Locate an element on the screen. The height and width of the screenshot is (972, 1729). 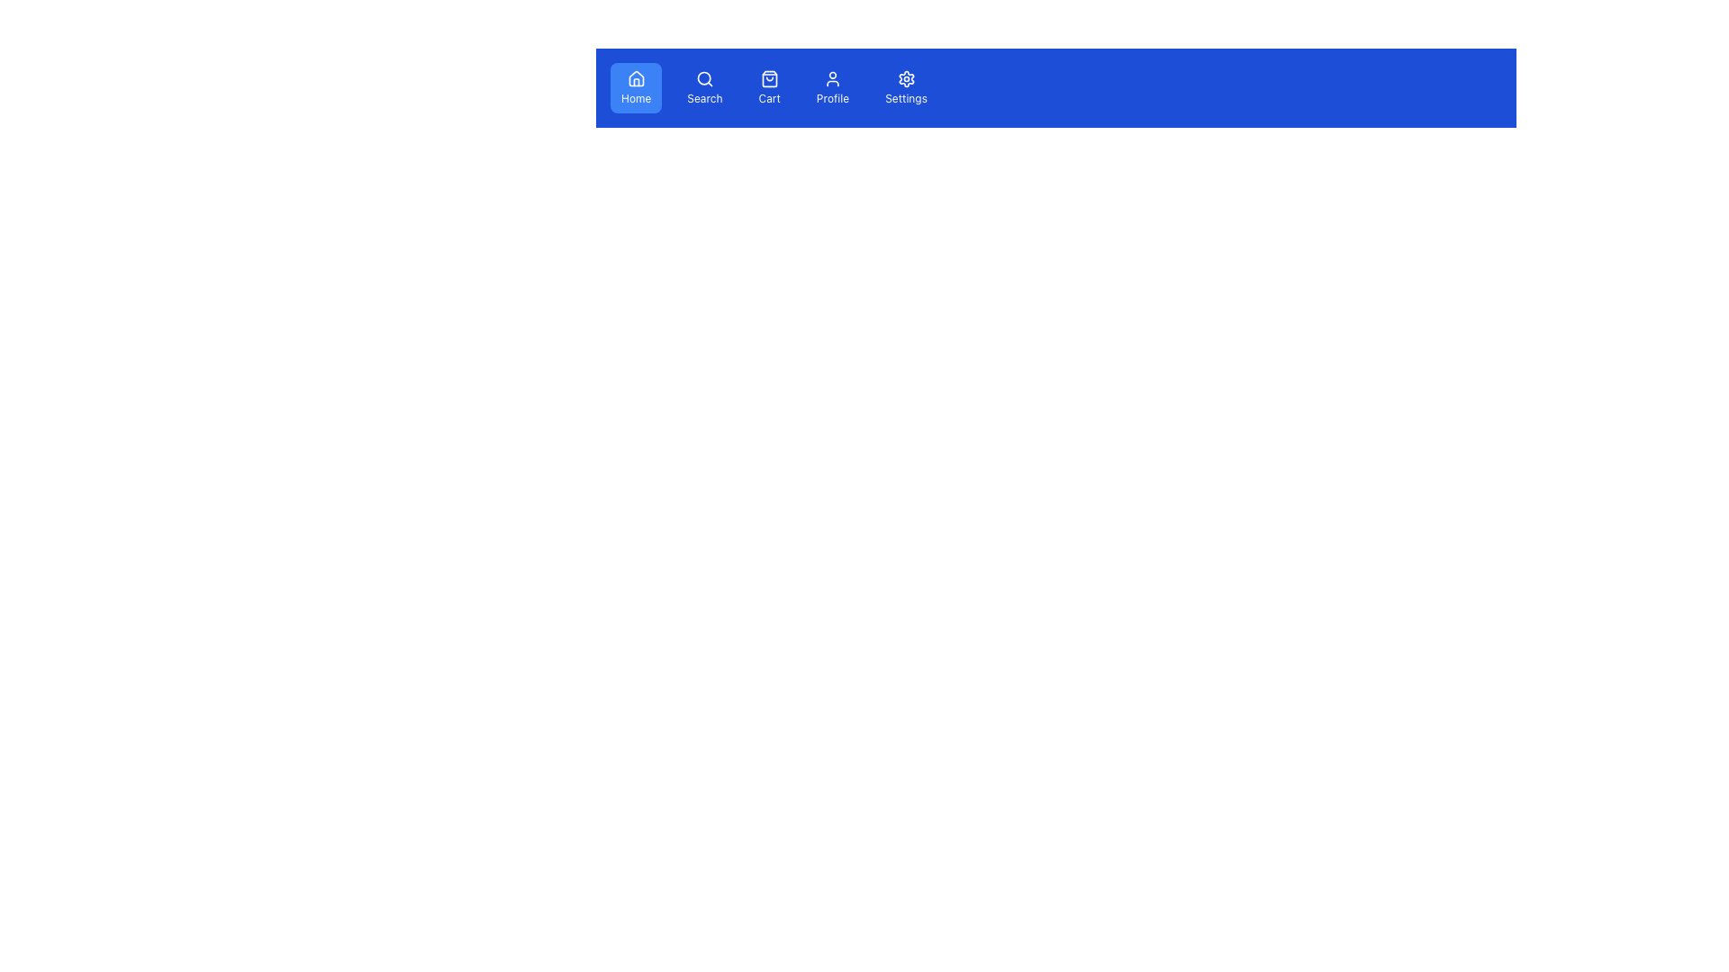
the 'Settings' button, which is a rounded rectangular button with a gear icon and white text on a blue background, located at the top of the page is located at coordinates (906, 87).